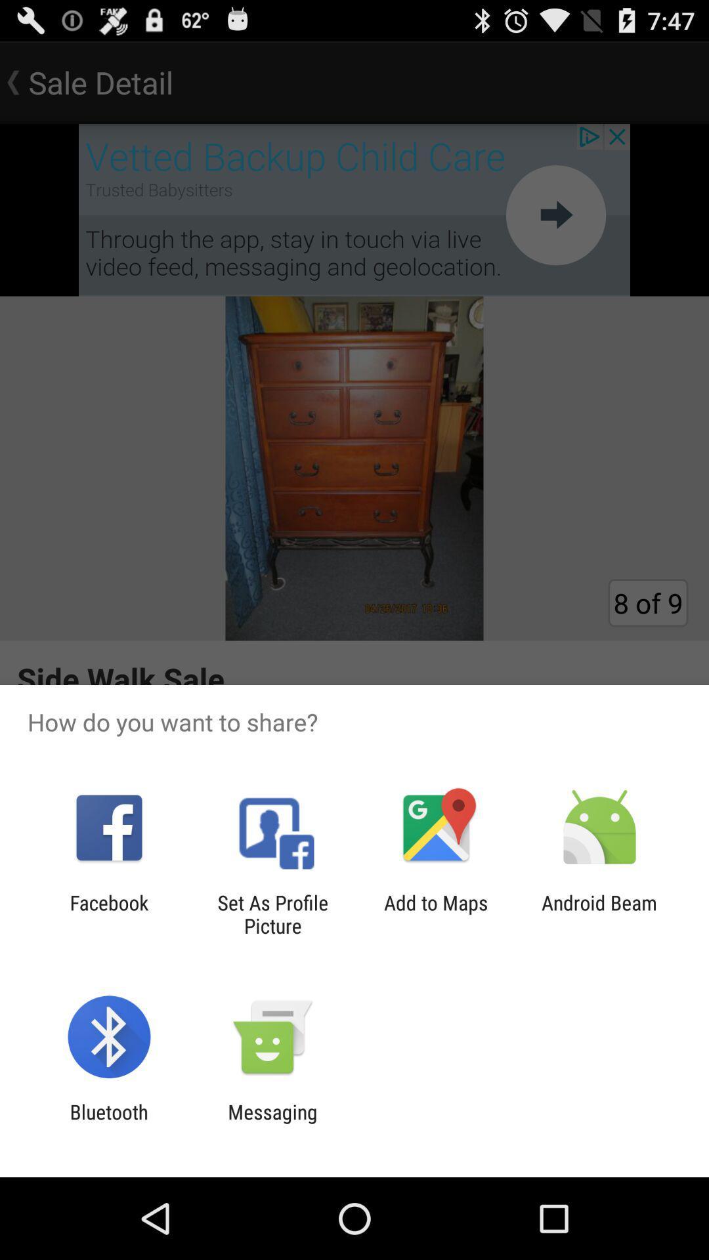  I want to click on the icon next to the add to maps, so click(272, 913).